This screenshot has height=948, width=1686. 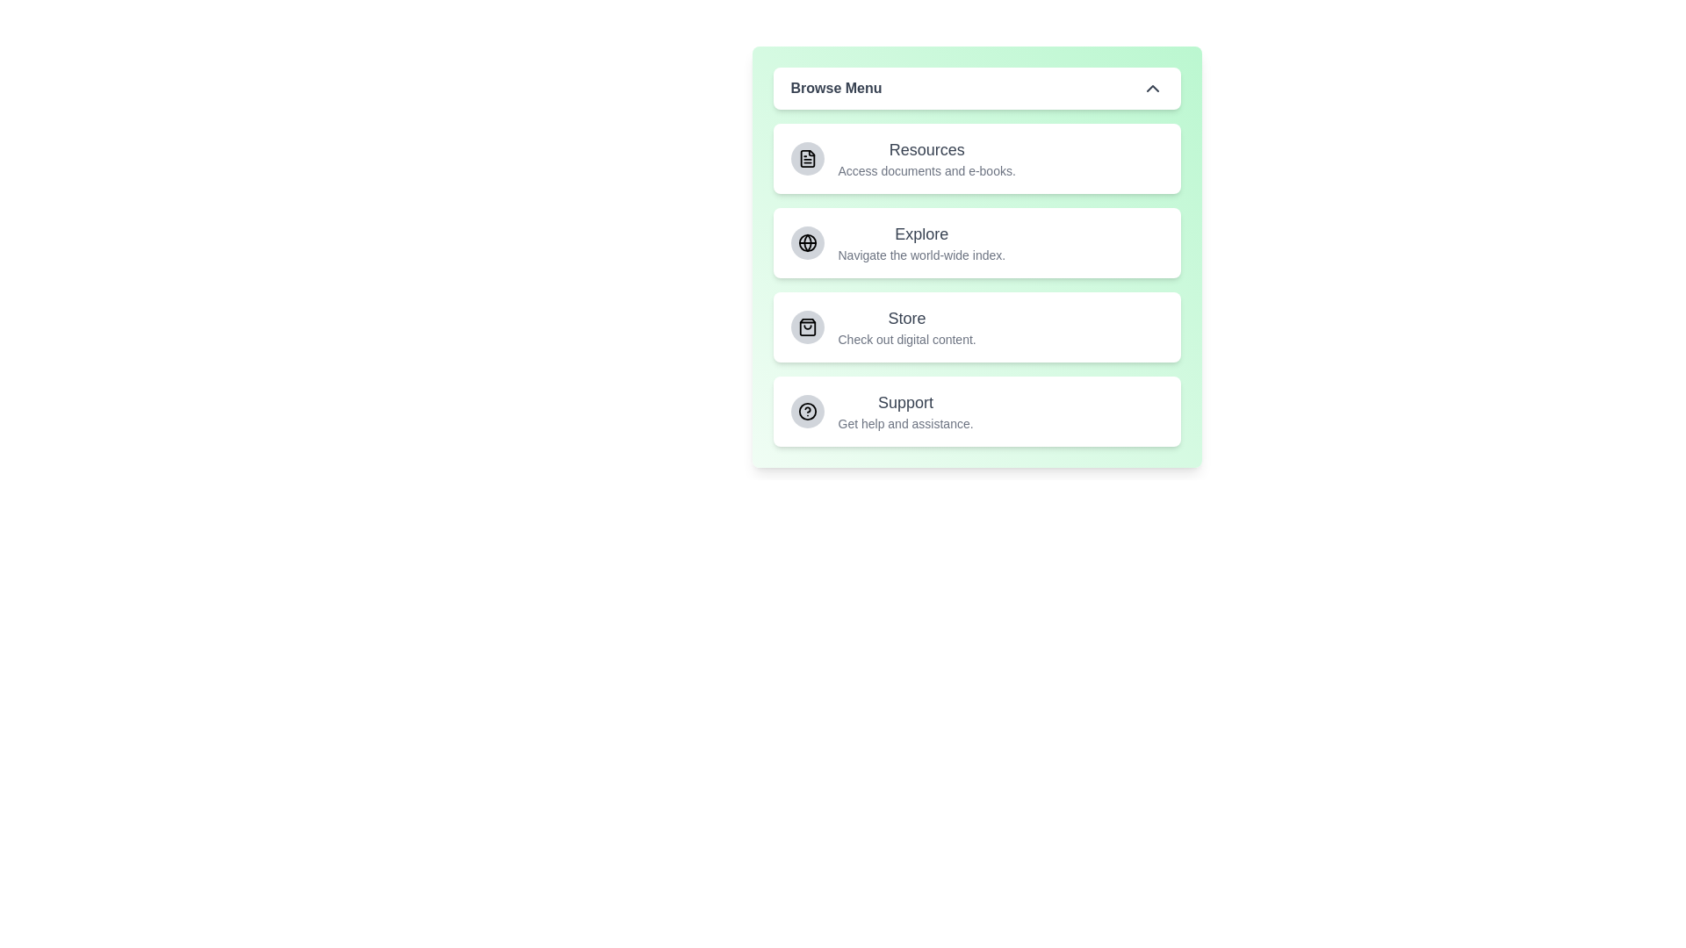 What do you see at coordinates (806, 159) in the screenshot?
I see `the icon of the menu item Resources to analyze it` at bounding box center [806, 159].